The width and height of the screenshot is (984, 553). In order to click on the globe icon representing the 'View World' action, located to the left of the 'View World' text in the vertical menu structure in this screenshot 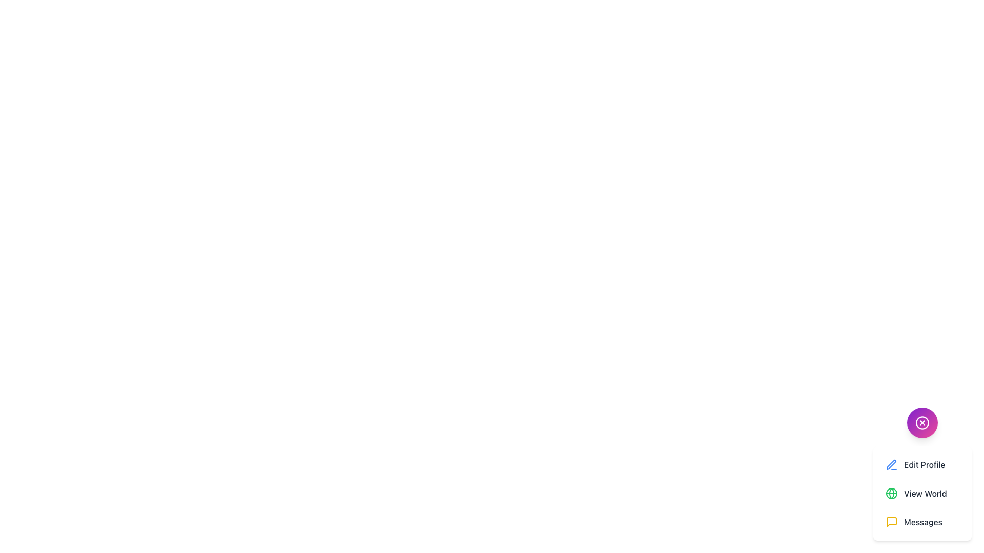, I will do `click(891, 493)`.